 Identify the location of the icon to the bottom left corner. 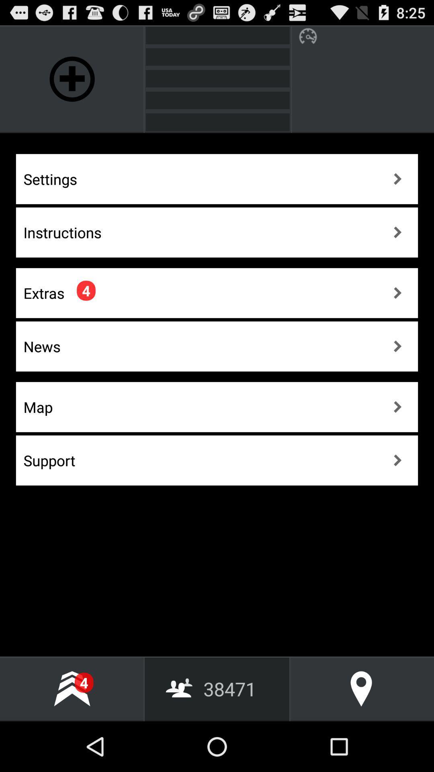
(72, 688).